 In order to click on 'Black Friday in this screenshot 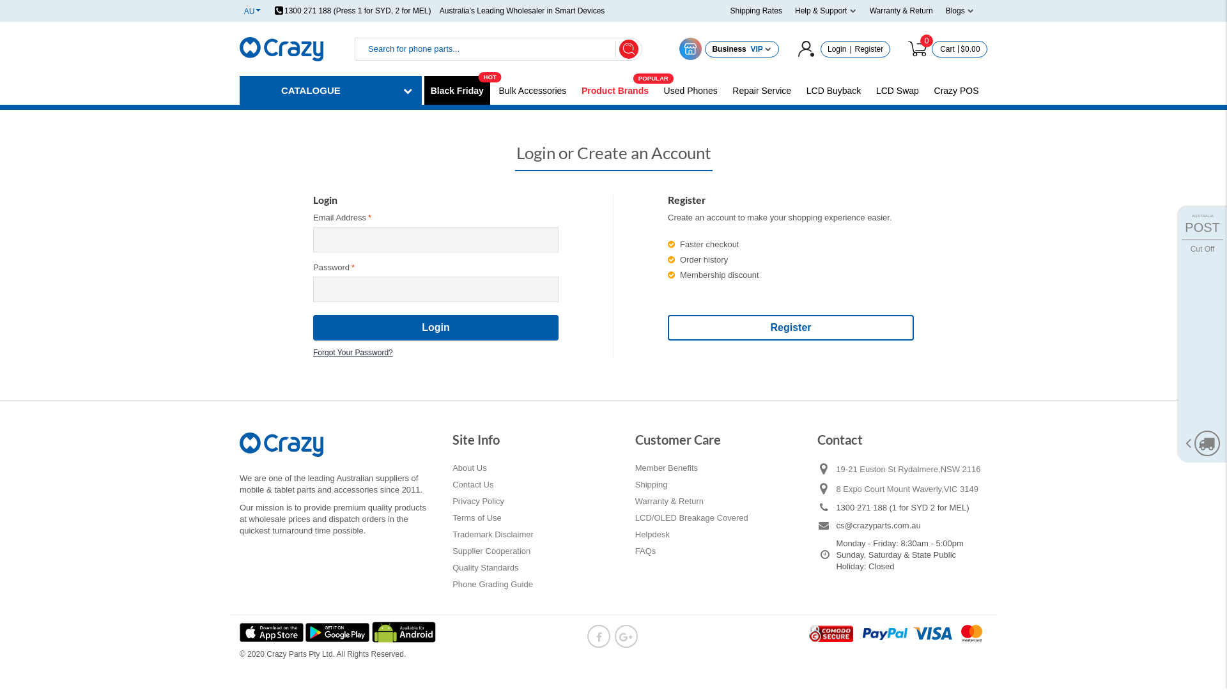, I will do `click(457, 90)`.